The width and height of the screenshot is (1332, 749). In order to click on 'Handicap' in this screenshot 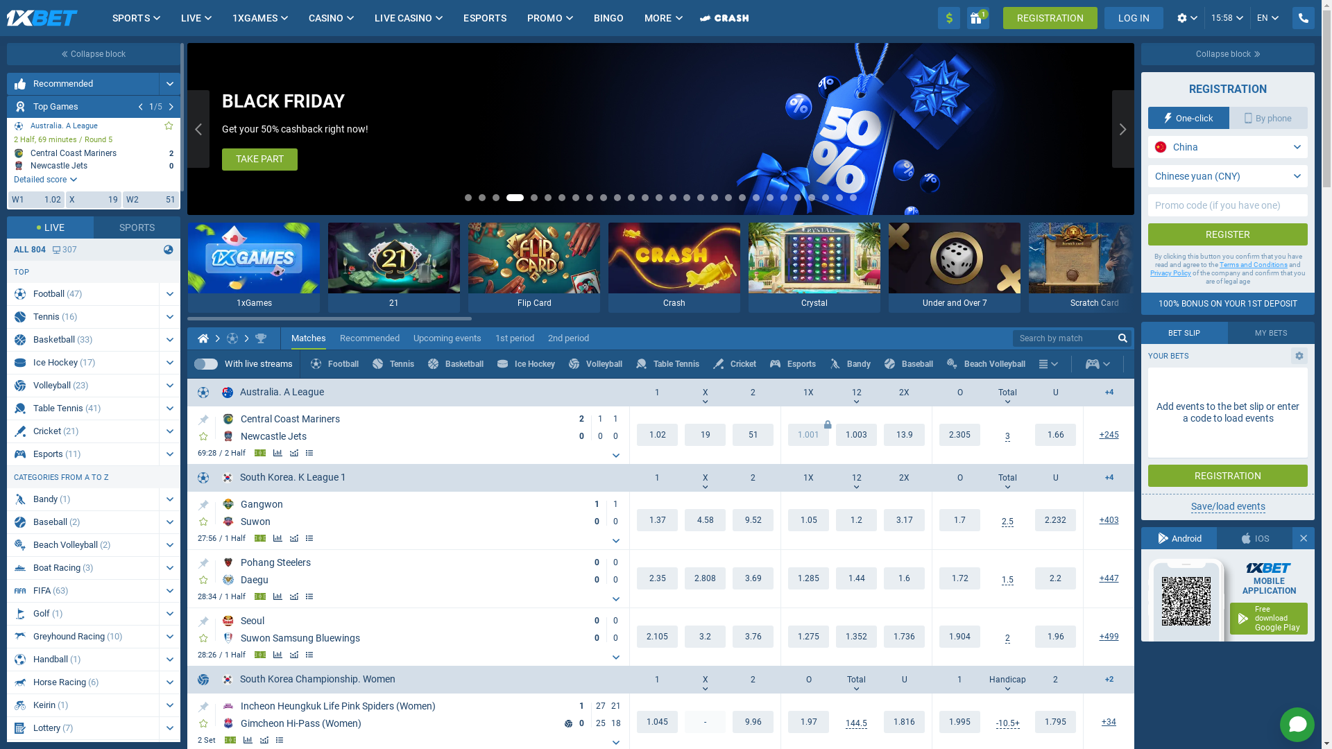, I will do `click(986, 678)`.